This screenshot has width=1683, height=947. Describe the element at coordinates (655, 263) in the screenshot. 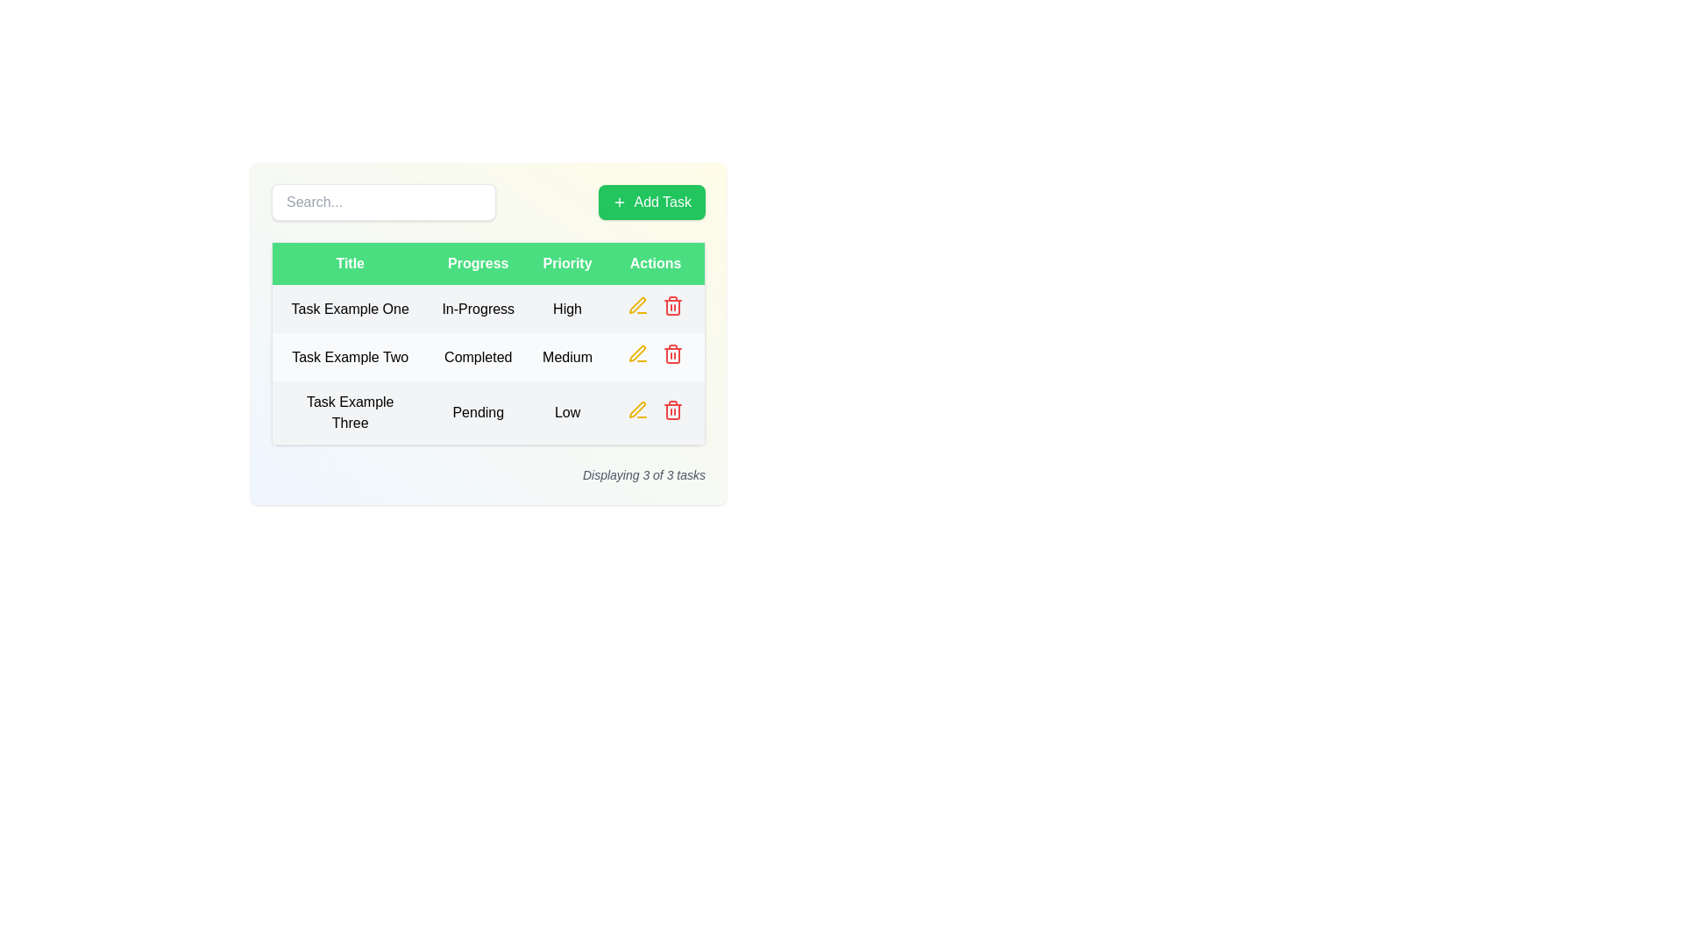

I see `the green rectangular column header labeled 'Actions' which is the fourth column in the table header row` at that location.